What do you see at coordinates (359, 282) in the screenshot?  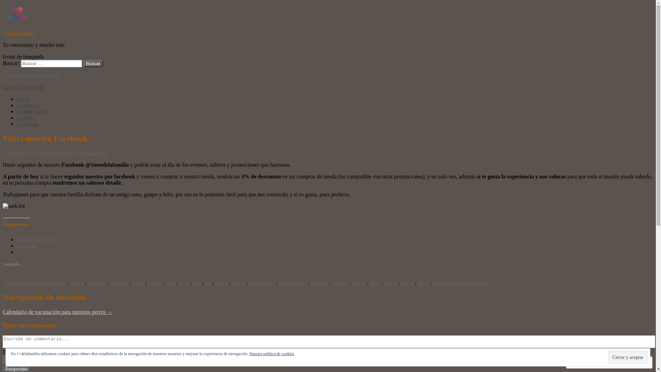 I see `'perrito'` at bounding box center [359, 282].